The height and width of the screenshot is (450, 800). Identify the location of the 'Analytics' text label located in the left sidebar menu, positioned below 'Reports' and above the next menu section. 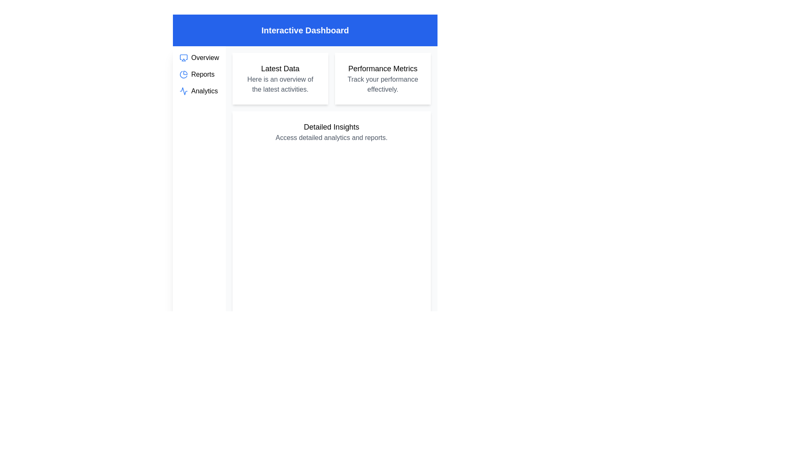
(204, 91).